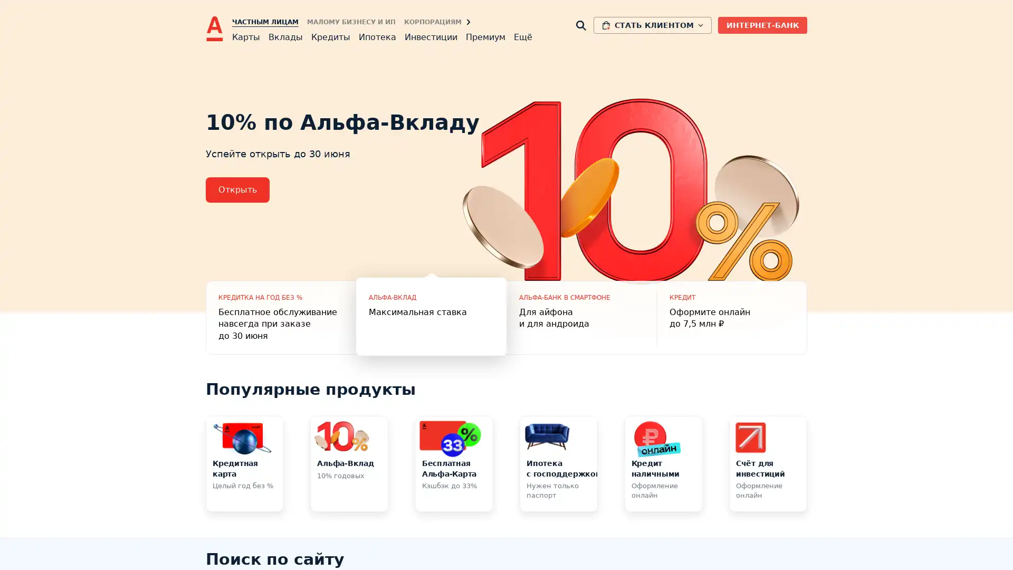  Describe the element at coordinates (731, 317) in the screenshot. I see `7,5` at that location.